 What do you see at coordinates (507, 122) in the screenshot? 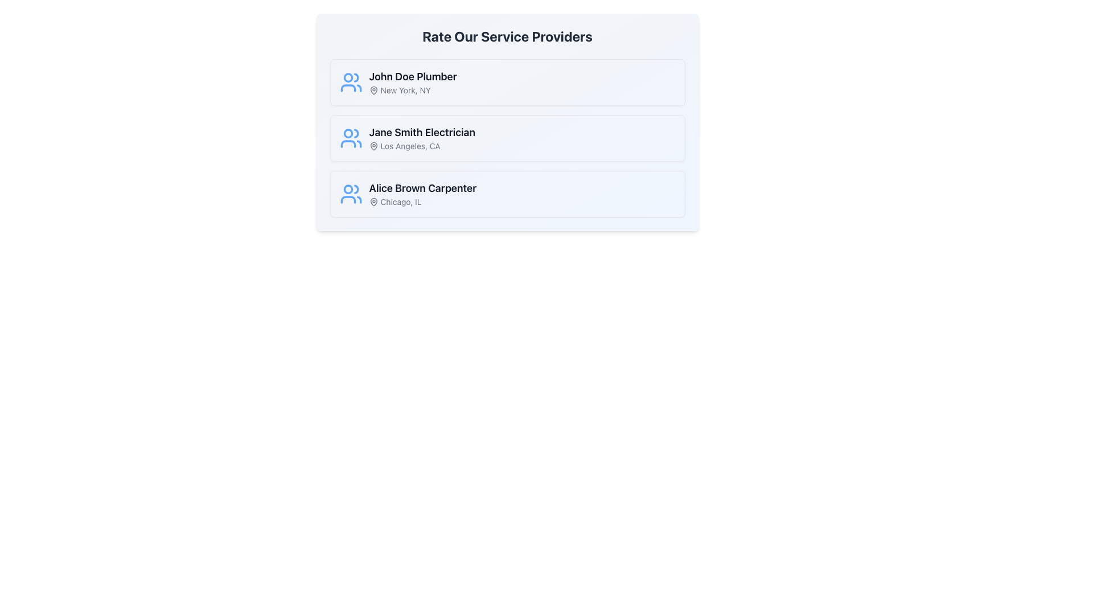
I see `the Information Card displaying 'Jane Smith', an Electrician from Los Angeles, CA, which is the second card in the list of service providers` at bounding box center [507, 122].